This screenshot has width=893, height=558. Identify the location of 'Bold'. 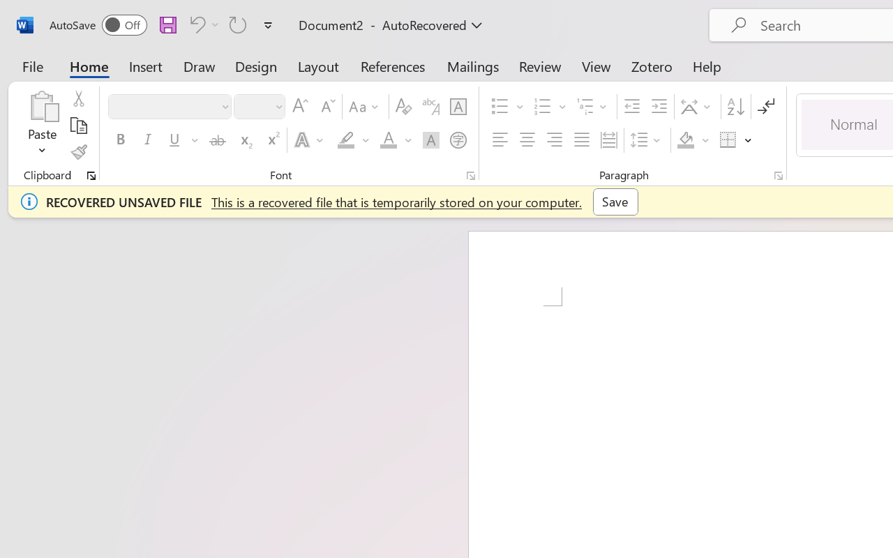
(120, 140).